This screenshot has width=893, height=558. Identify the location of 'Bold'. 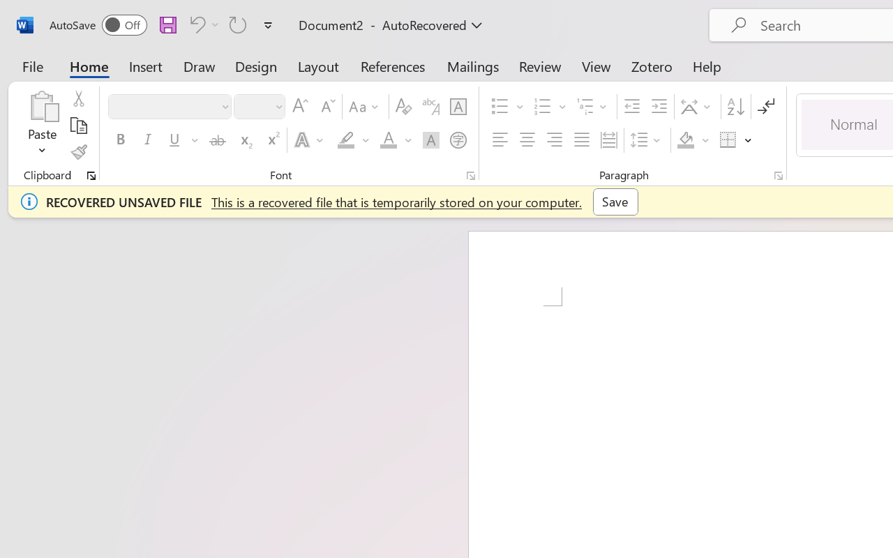
(120, 140).